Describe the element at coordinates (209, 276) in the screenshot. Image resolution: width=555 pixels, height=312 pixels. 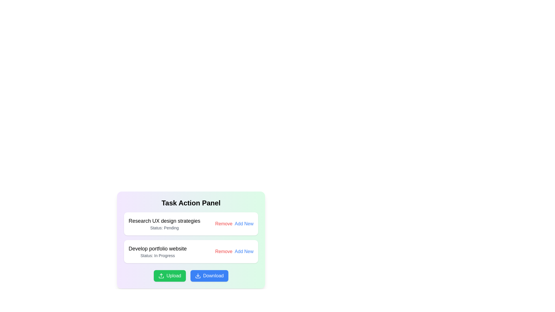
I see `the 'Download' button, which is styled with a blue background and white text, located to the right of the 'Upload' button at the center-bottom of the panel` at that location.